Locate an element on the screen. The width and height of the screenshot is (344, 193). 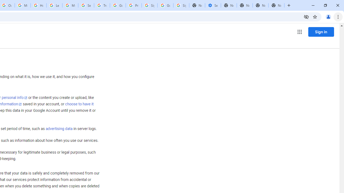
'Search our Doodle Library Collection - Google Doodles' is located at coordinates (86, 5).